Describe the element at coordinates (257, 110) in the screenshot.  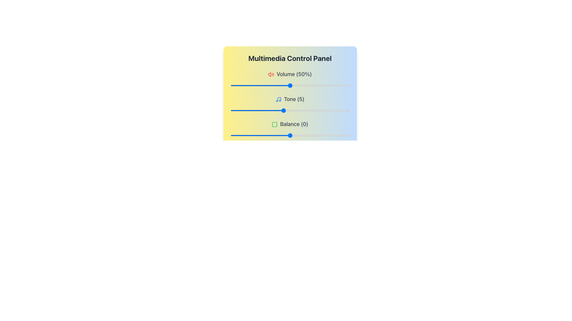
I see `the tone value` at that location.